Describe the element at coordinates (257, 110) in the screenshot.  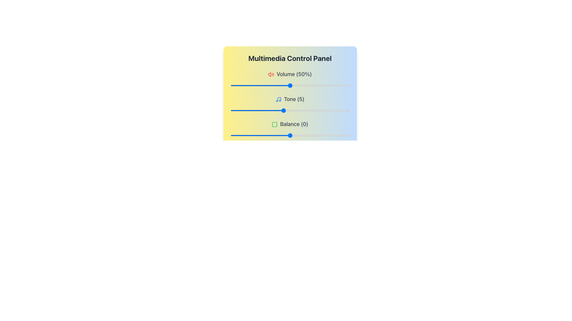
I see `the tone value` at that location.